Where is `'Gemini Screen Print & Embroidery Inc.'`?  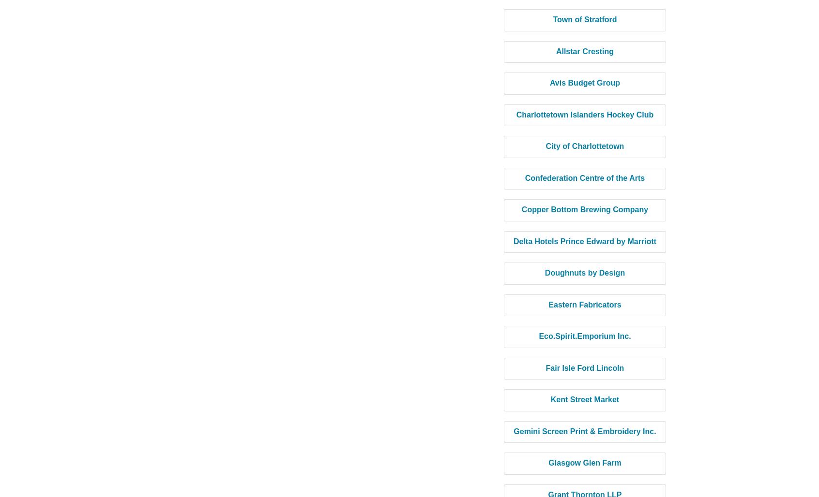
'Gemini Screen Print & Embroidery Inc.' is located at coordinates (584, 430).